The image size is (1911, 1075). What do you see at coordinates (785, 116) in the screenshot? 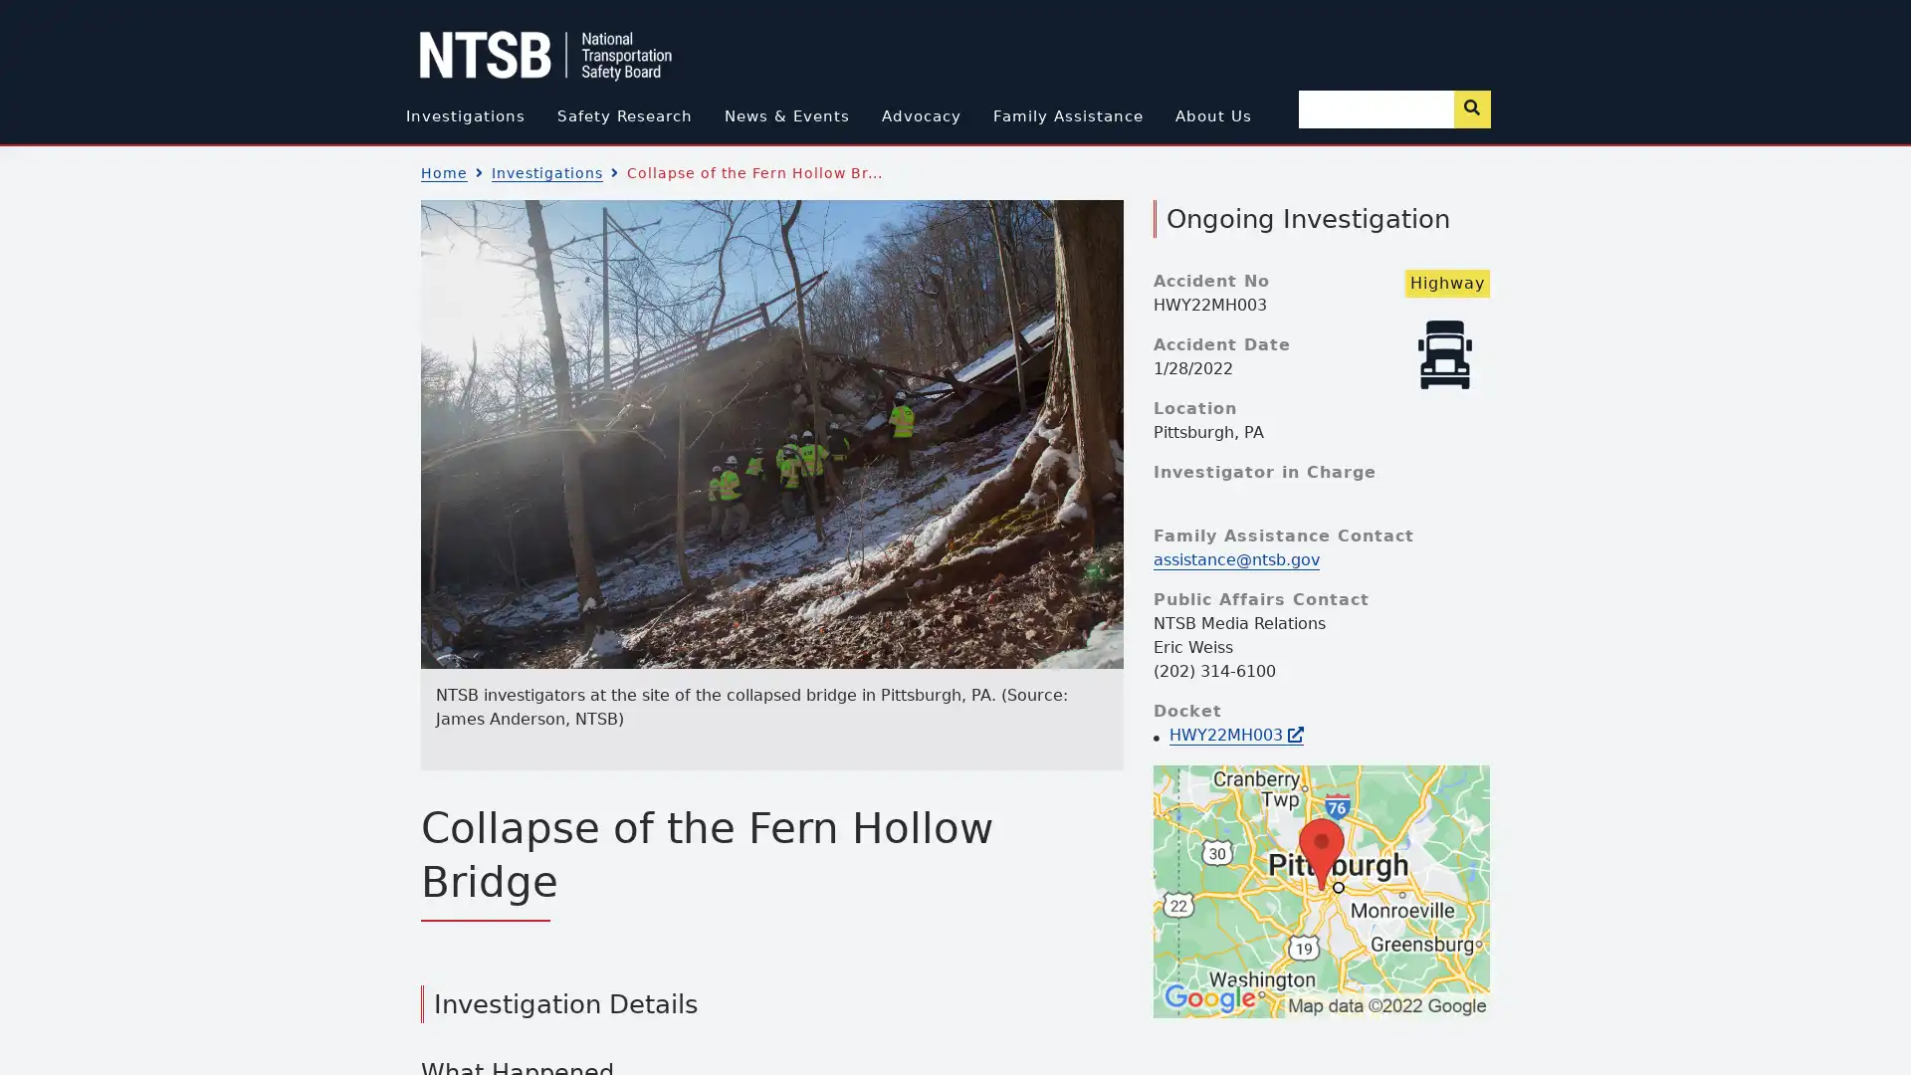
I see `News & Events` at bounding box center [785, 116].